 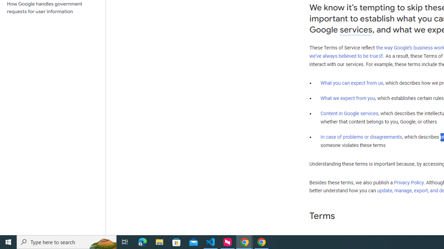 I want to click on 'What you can expect from us', so click(x=352, y=83).